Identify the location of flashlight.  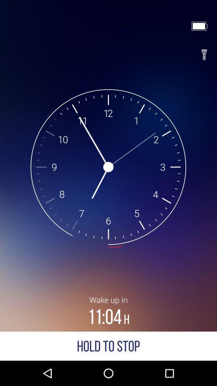
(204, 52).